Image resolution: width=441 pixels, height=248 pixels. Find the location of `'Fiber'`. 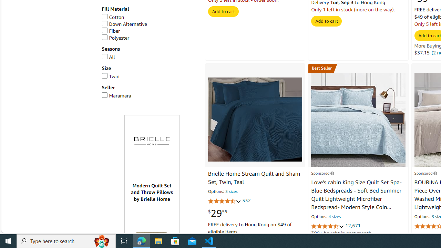

'Fiber' is located at coordinates (111, 31).